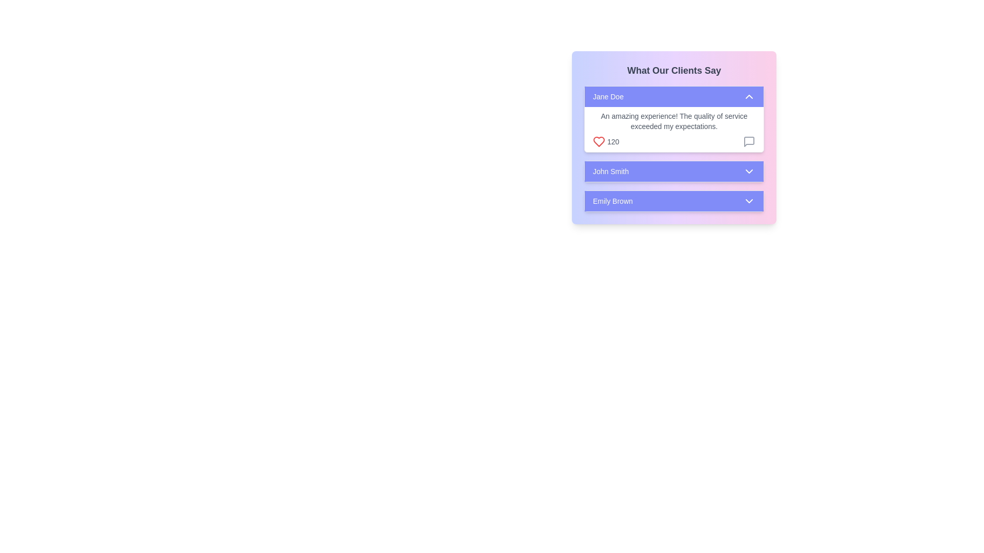  I want to click on the heart icon located, so click(599, 142).